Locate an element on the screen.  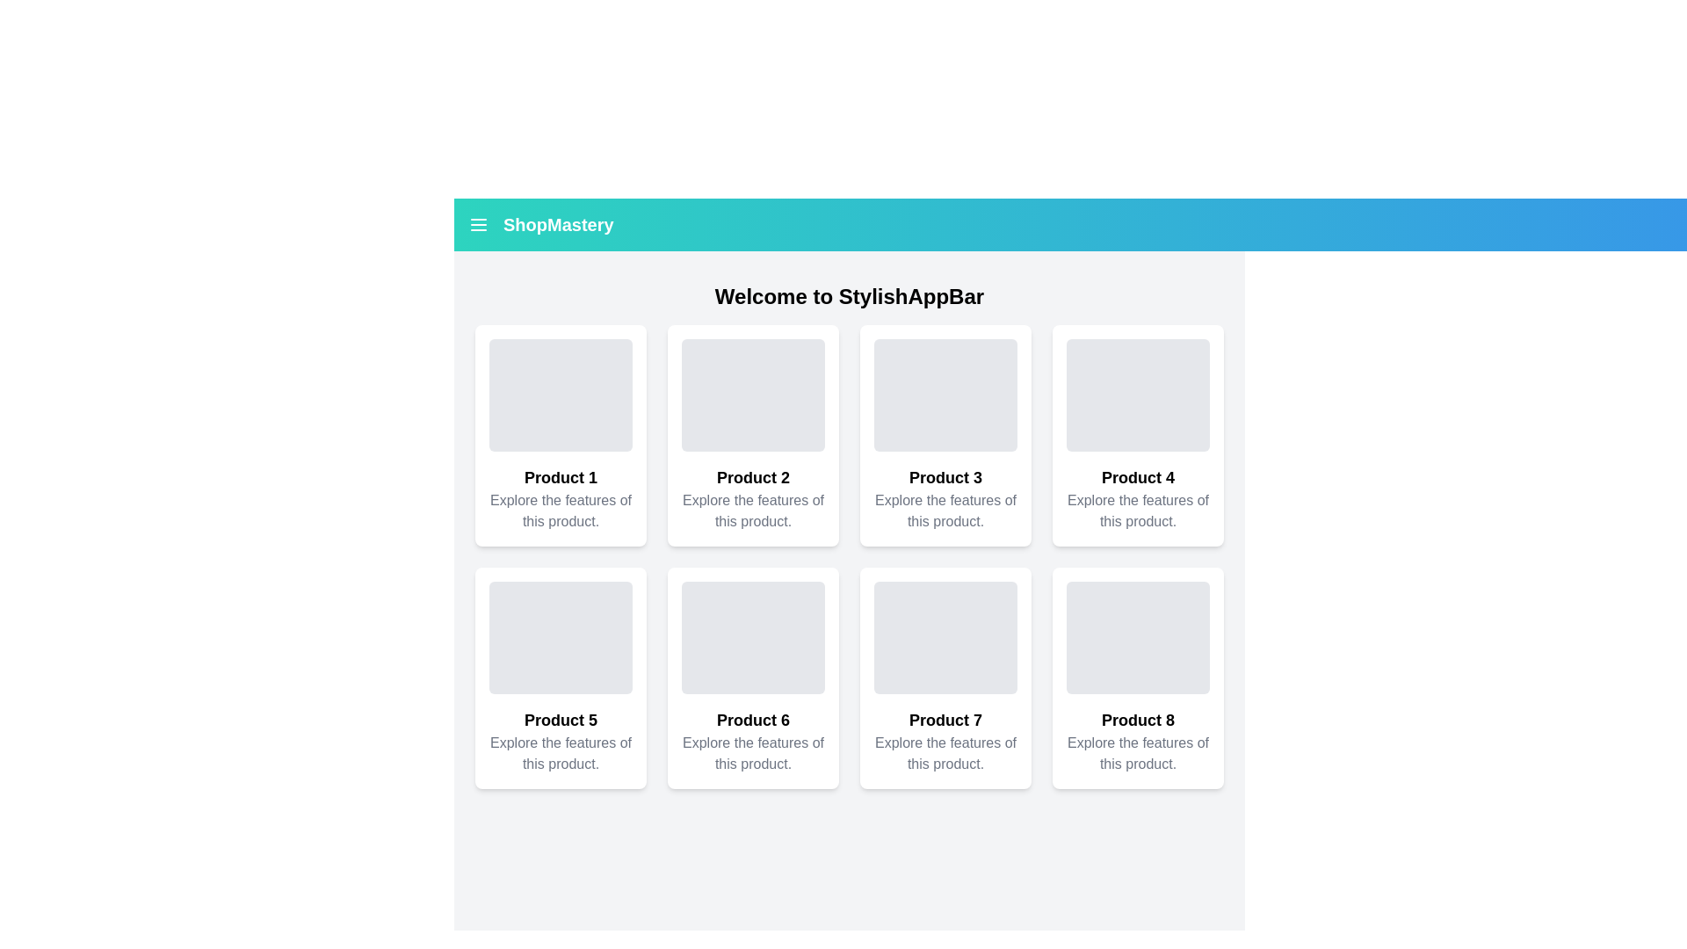
the image placeholder for 'Product 8' is located at coordinates (1138, 637).